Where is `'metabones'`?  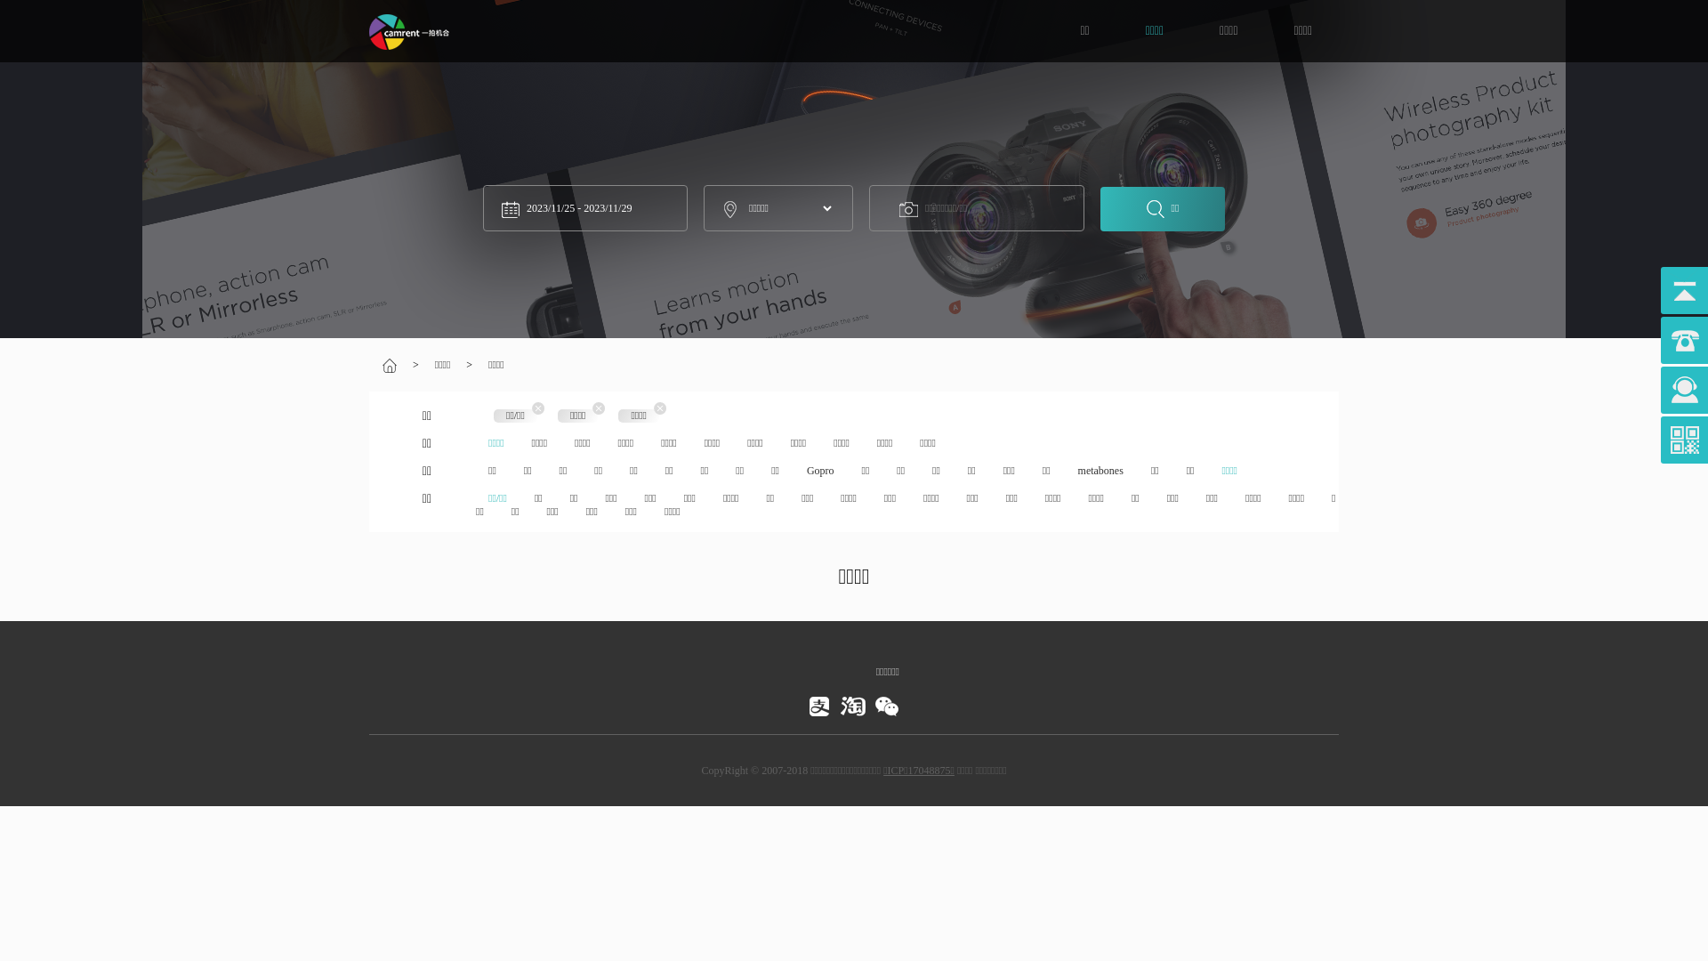 'metabones' is located at coordinates (1100, 469).